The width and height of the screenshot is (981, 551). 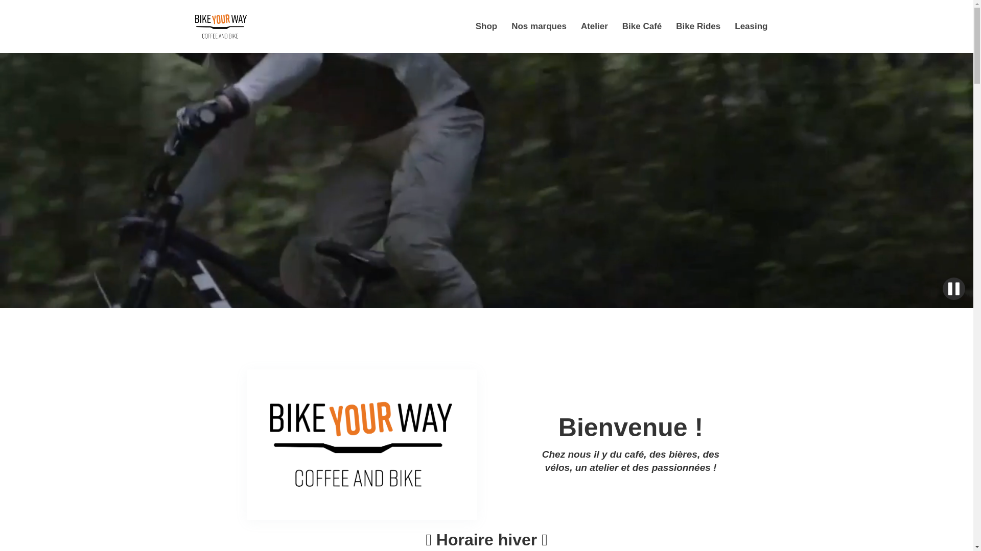 What do you see at coordinates (574, 26) in the screenshot?
I see `'Atelier'` at bounding box center [574, 26].